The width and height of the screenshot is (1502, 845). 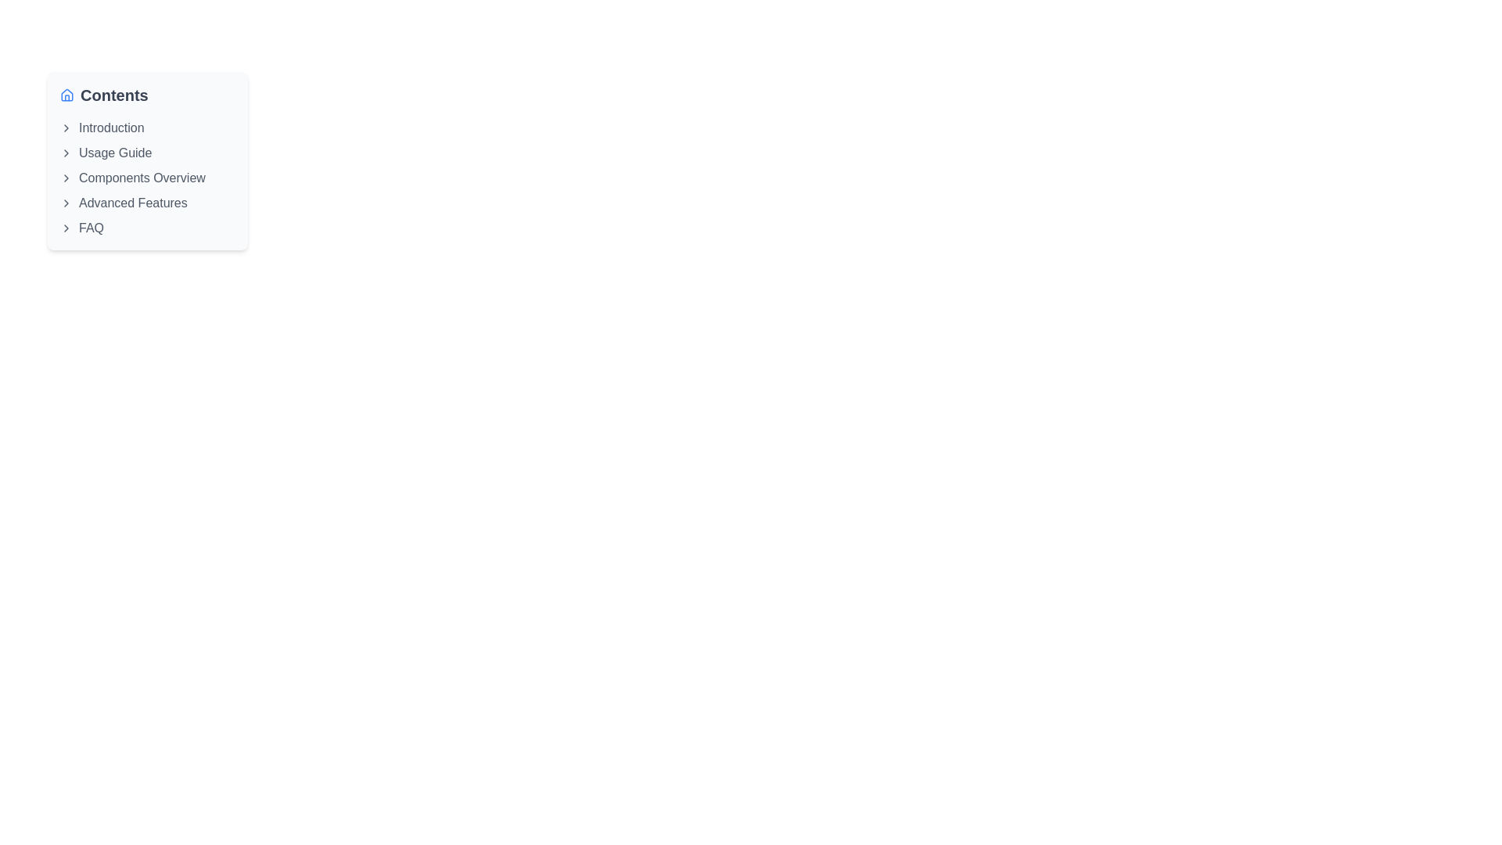 I want to click on the 'Home' SVG icon located in the sidebar above the 'Contents' label to navigate back to the main page or dashboard, so click(x=66, y=94).